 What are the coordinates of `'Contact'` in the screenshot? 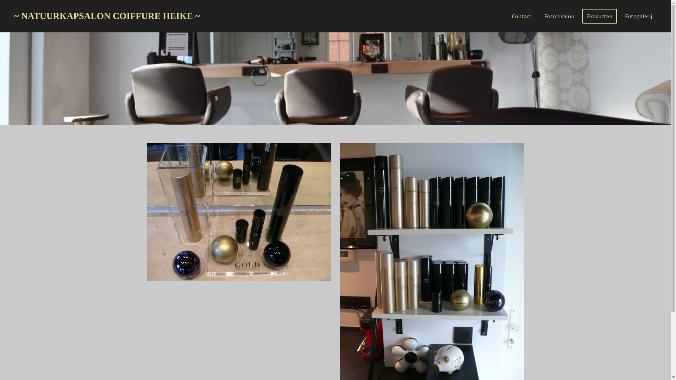 It's located at (522, 16).